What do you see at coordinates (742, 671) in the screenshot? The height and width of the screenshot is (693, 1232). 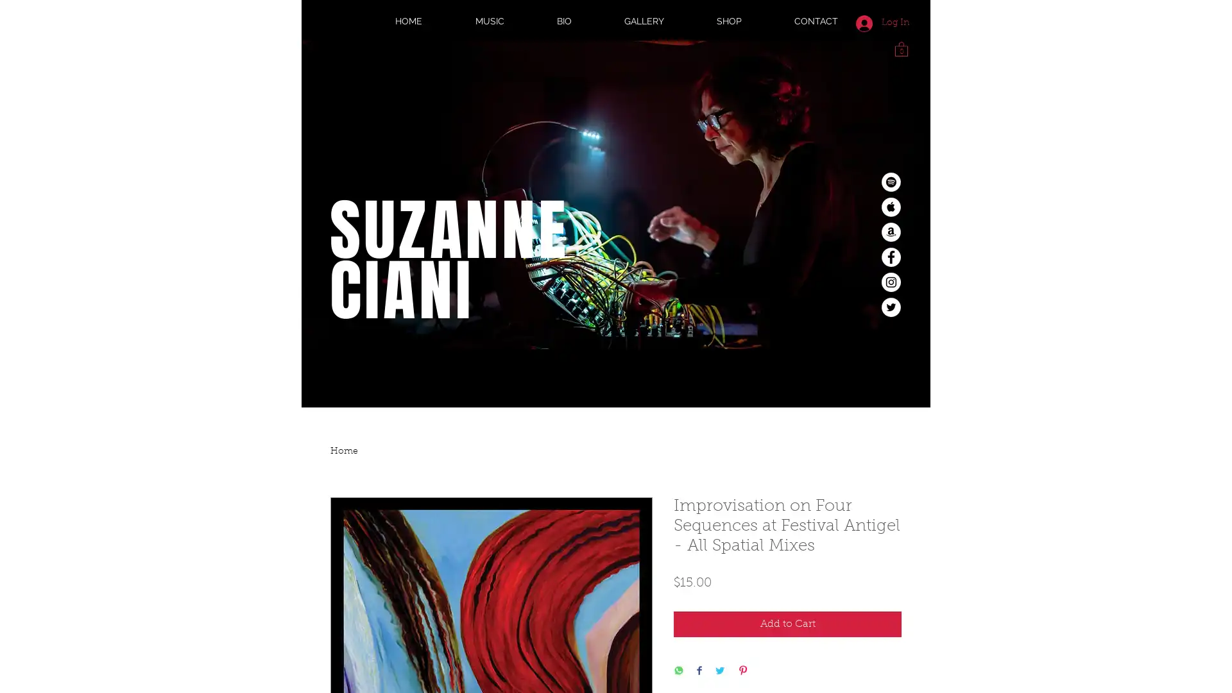 I see `Pin on Pinterest` at bounding box center [742, 671].